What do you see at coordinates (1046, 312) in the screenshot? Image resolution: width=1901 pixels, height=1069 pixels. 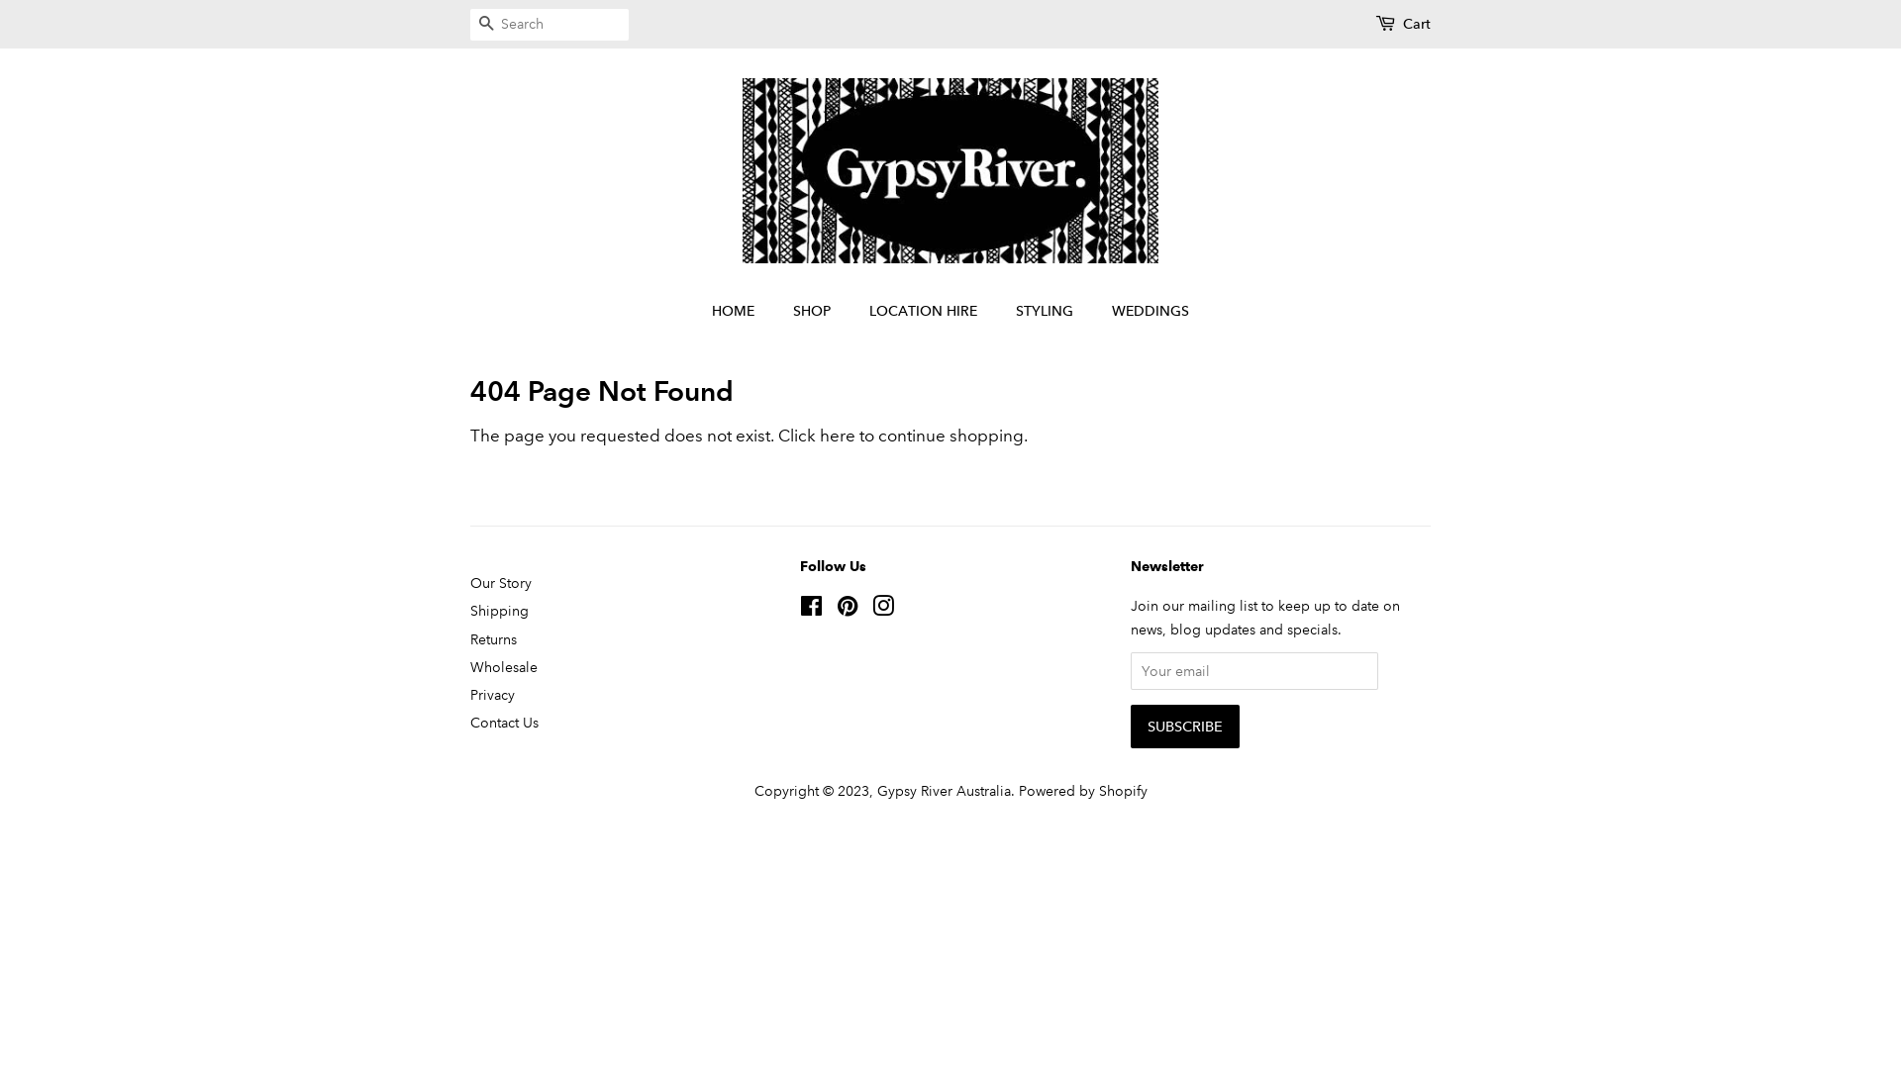 I see `'STYLING'` at bounding box center [1046, 312].